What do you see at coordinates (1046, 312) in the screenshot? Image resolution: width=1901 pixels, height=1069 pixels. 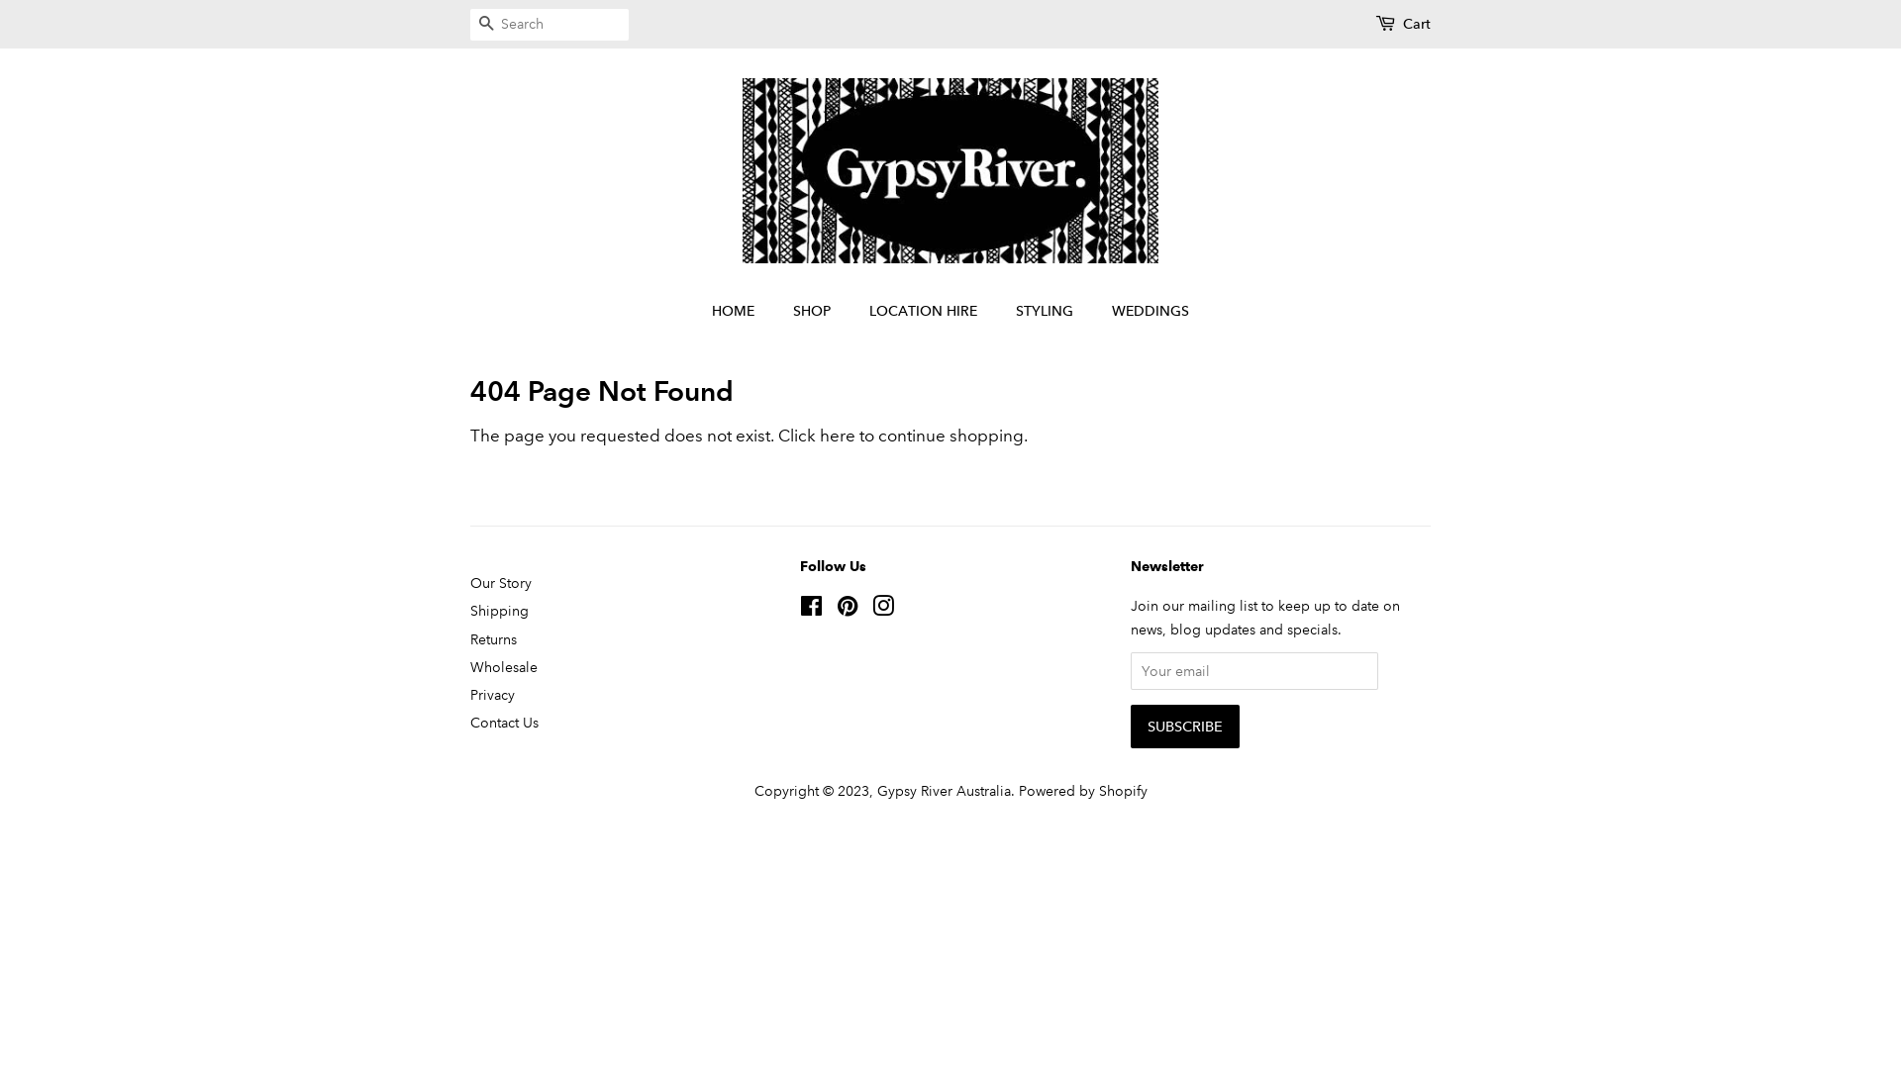 I see `'STYLING'` at bounding box center [1046, 312].